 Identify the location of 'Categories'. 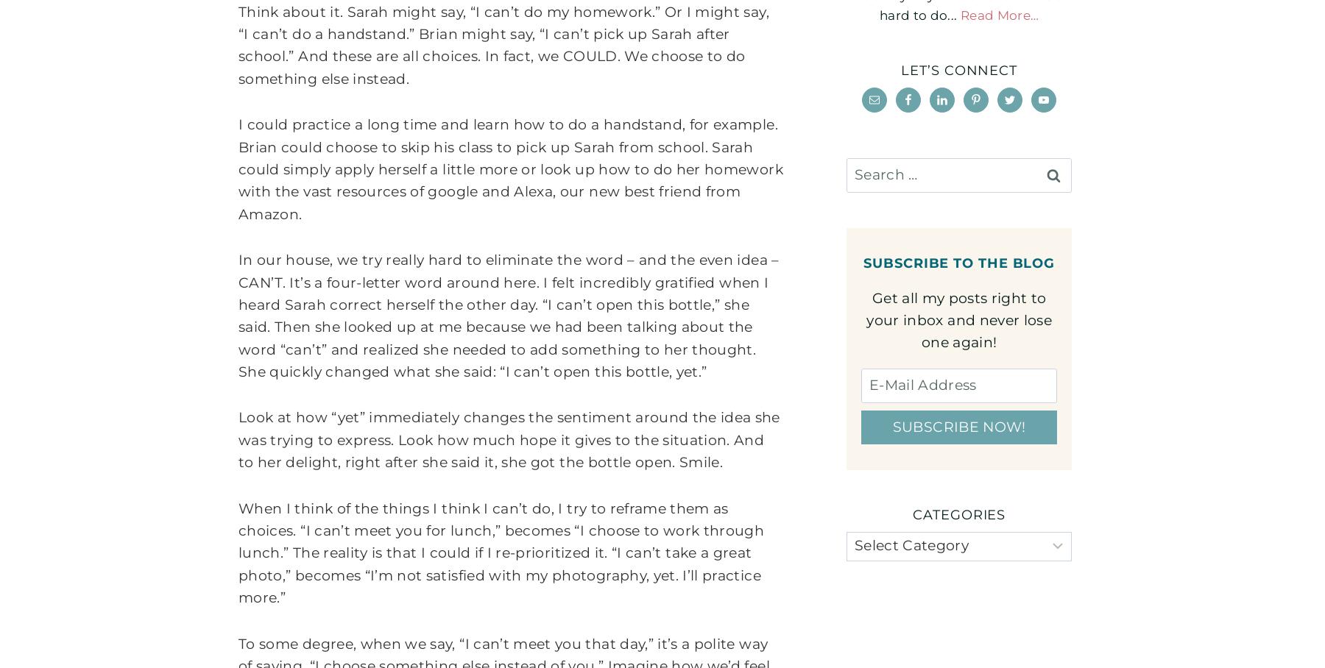
(959, 513).